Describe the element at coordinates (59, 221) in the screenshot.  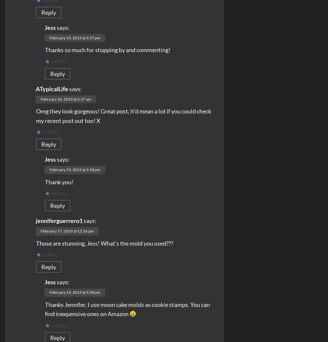
I see `'jenniferguerrero1'` at that location.